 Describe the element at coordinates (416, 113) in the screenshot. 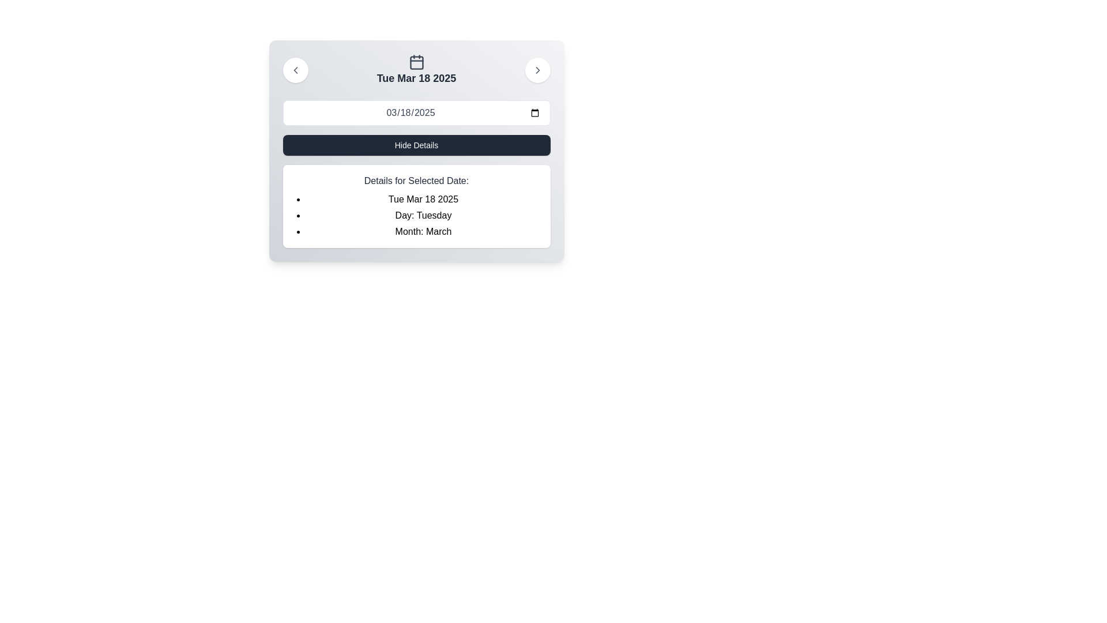

I see `the date input field located below the heading 'Tue Mar 18 2025'` at that location.